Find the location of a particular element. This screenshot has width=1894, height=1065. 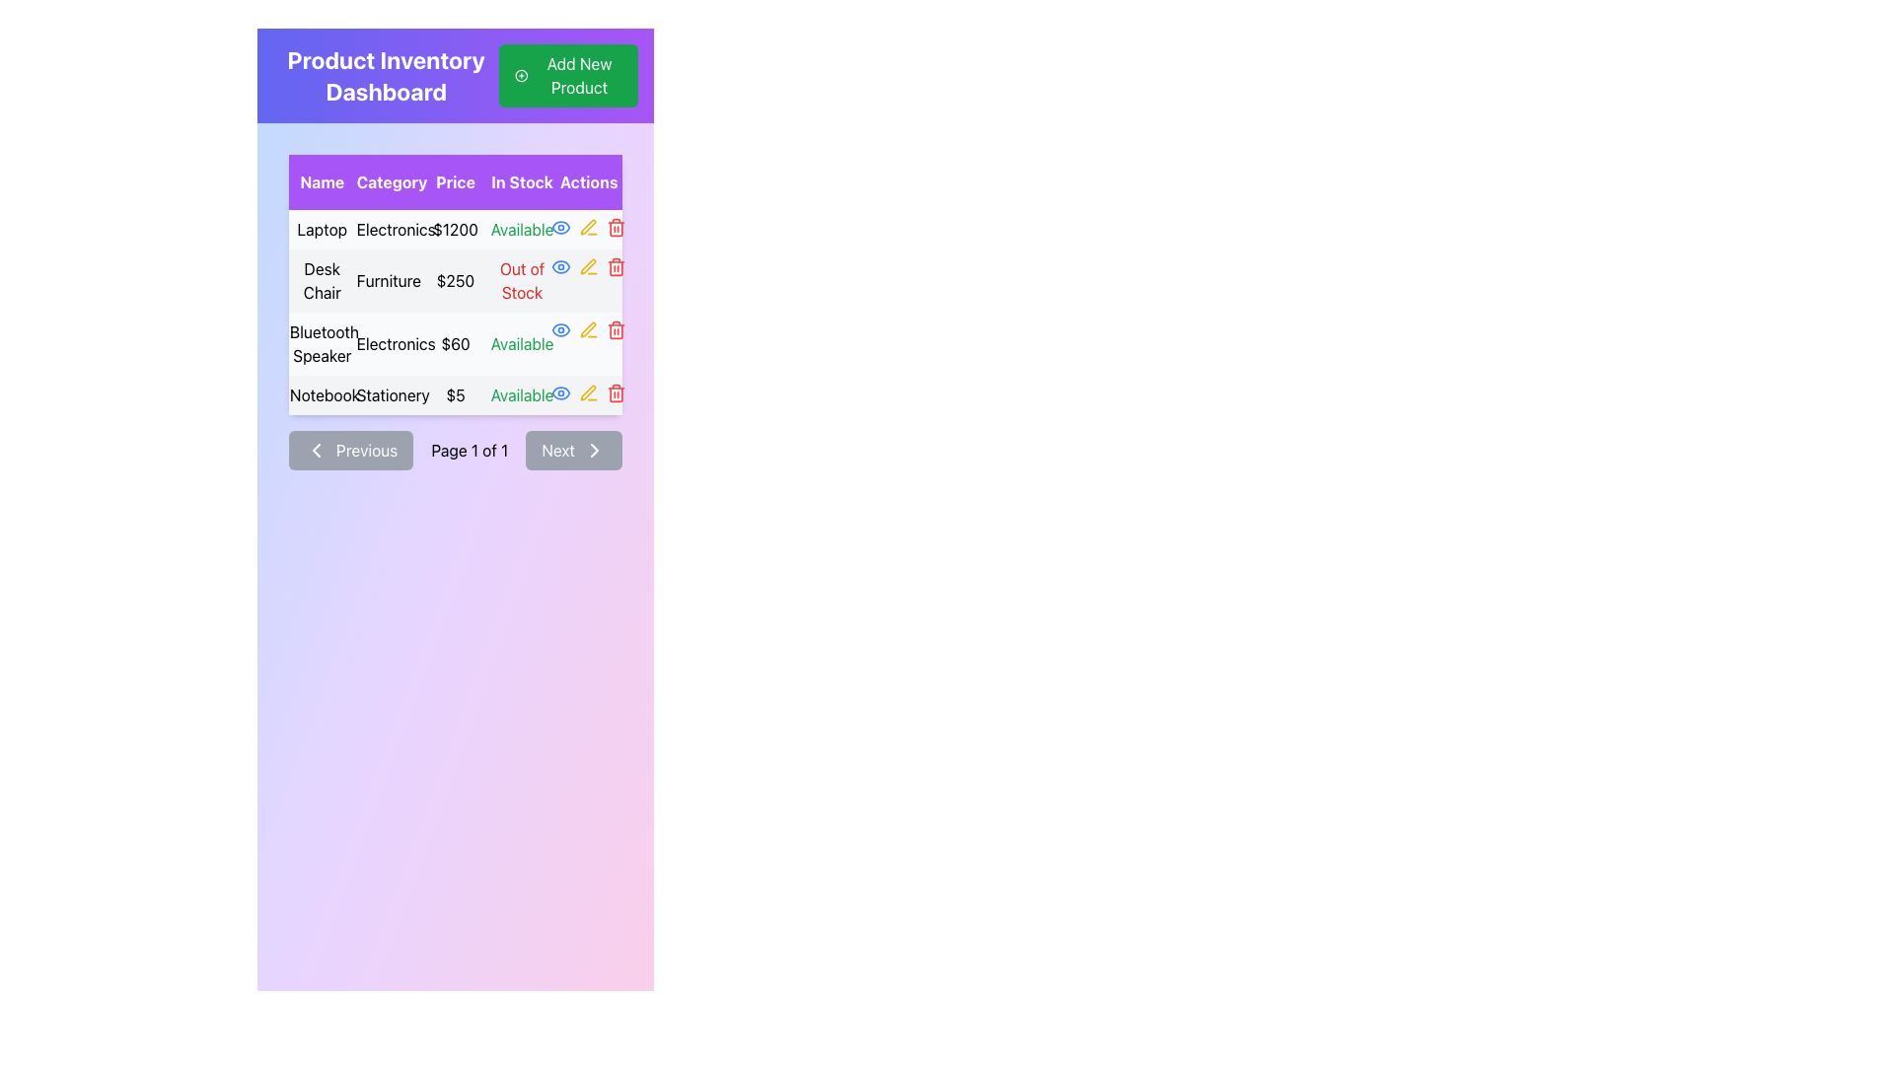

the static text element displaying the price '$250' for the 'Desk Chair' in the 'Price' column of the table is located at coordinates (454, 281).